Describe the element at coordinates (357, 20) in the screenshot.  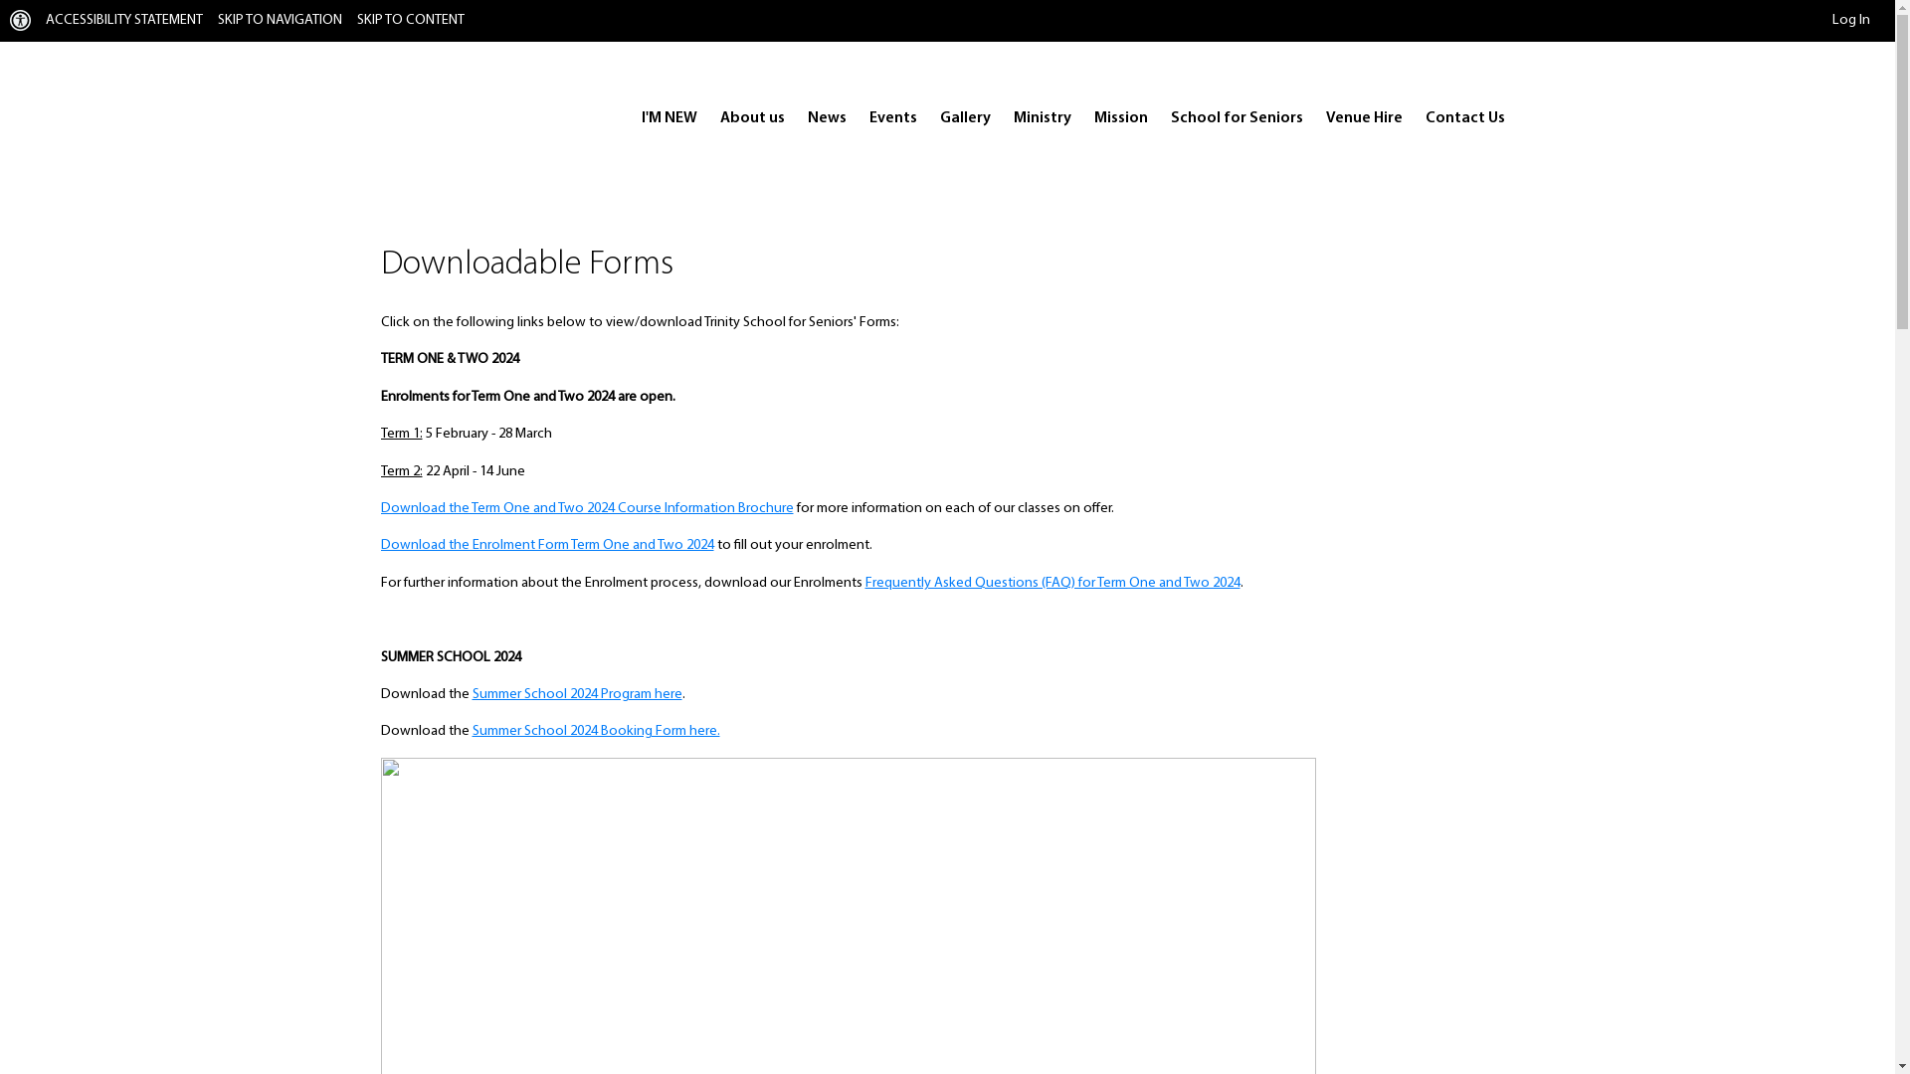
I see `'SKIP TO CONTENT'` at that location.